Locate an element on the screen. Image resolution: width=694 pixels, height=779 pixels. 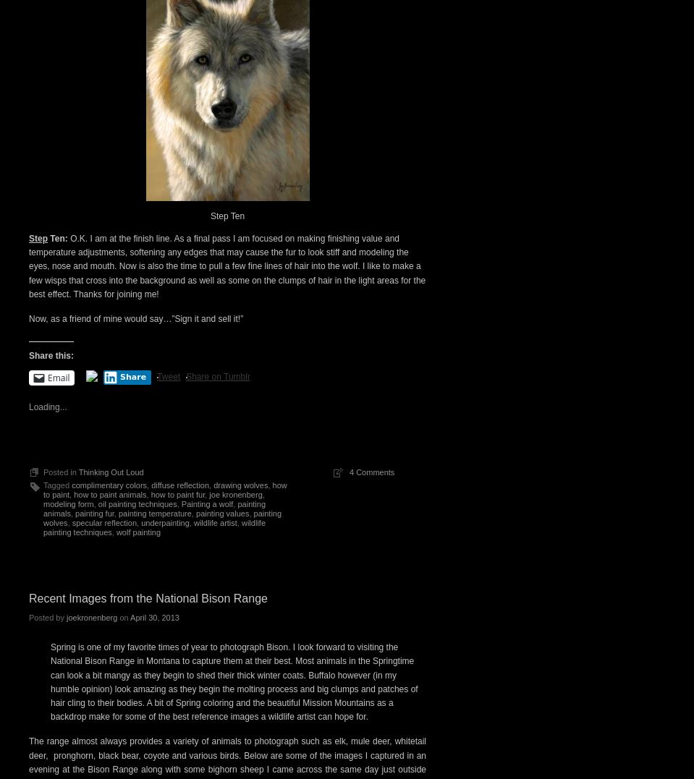
'Share this:' is located at coordinates (51, 355).